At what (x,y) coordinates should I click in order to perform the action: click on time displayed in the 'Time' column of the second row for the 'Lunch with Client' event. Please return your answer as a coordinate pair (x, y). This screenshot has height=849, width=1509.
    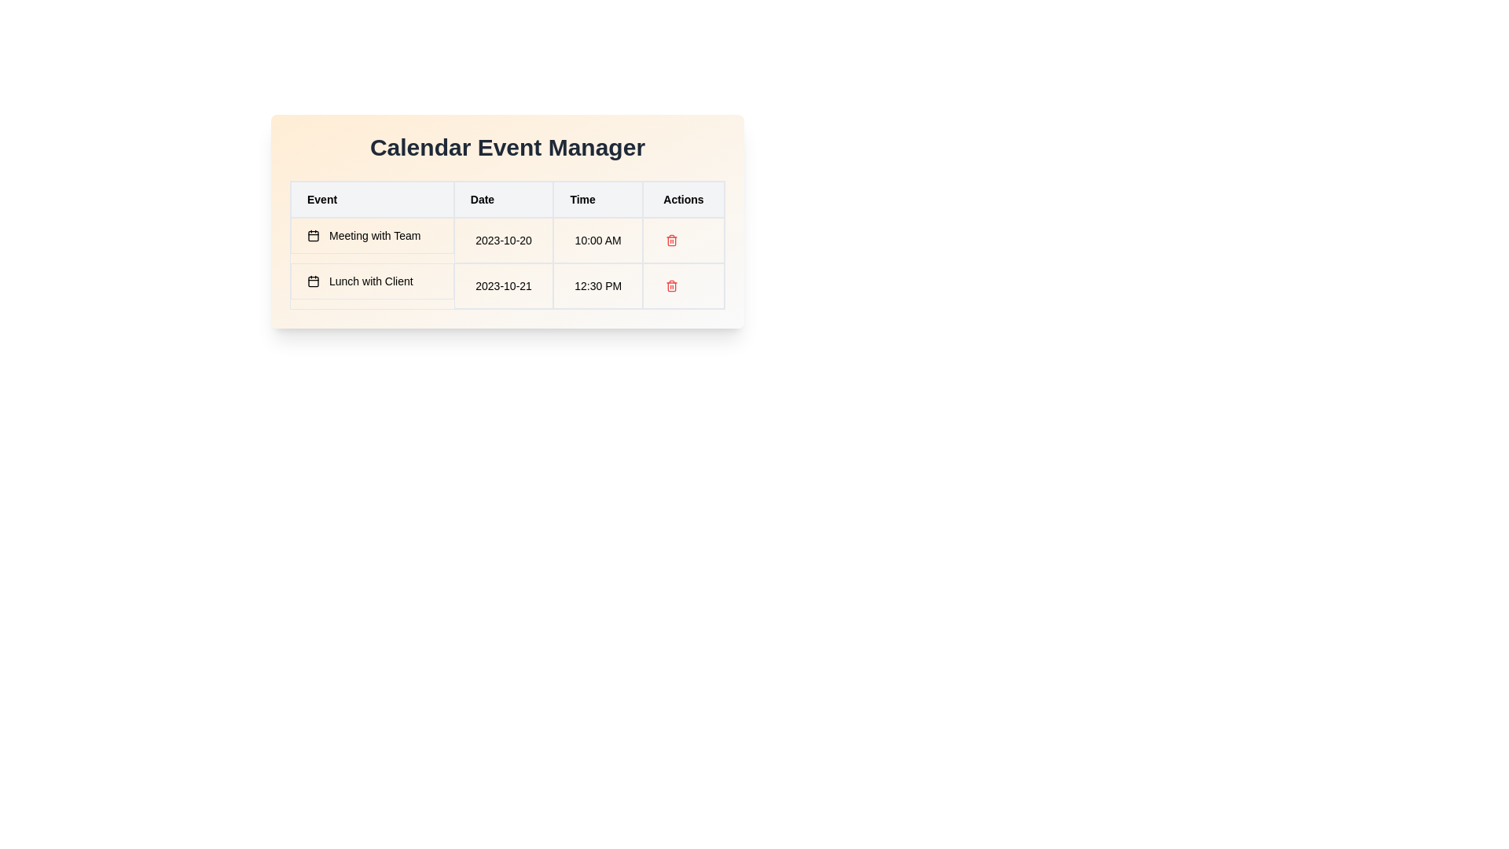
    Looking at the image, I should click on (597, 285).